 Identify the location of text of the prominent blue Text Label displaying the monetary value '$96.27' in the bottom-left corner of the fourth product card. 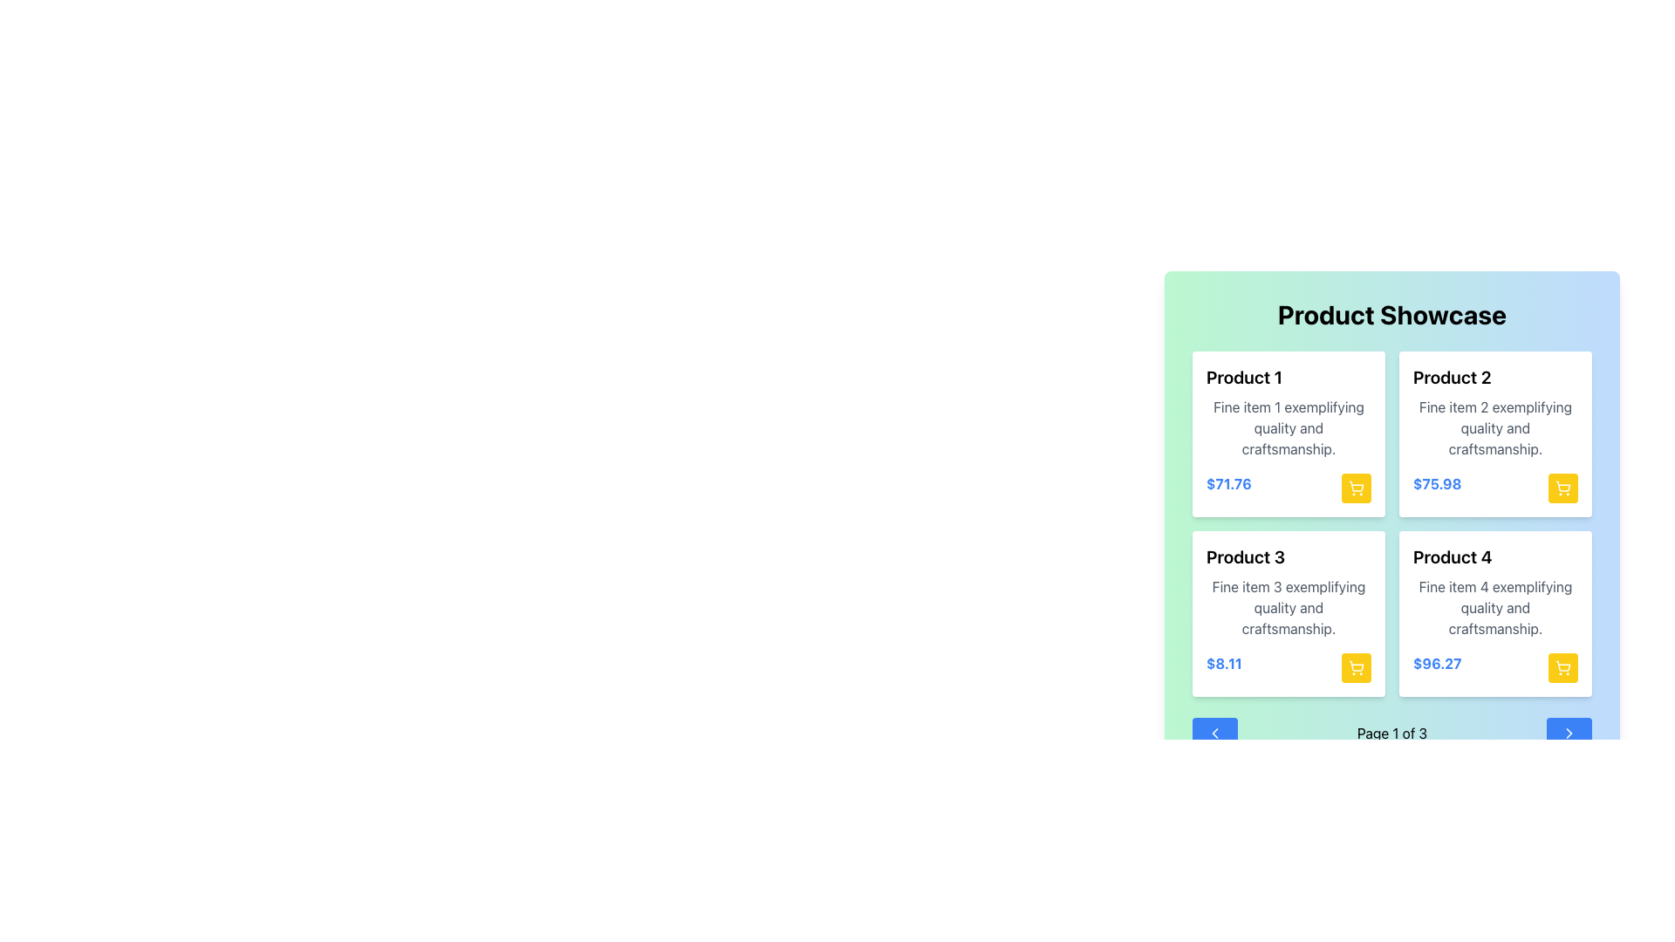
(1437, 667).